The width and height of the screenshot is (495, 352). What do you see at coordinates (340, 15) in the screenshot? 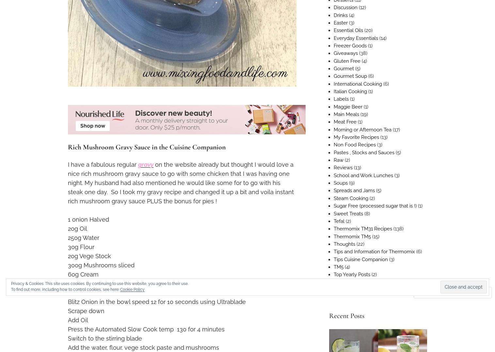
I see `'Drinks'` at bounding box center [340, 15].